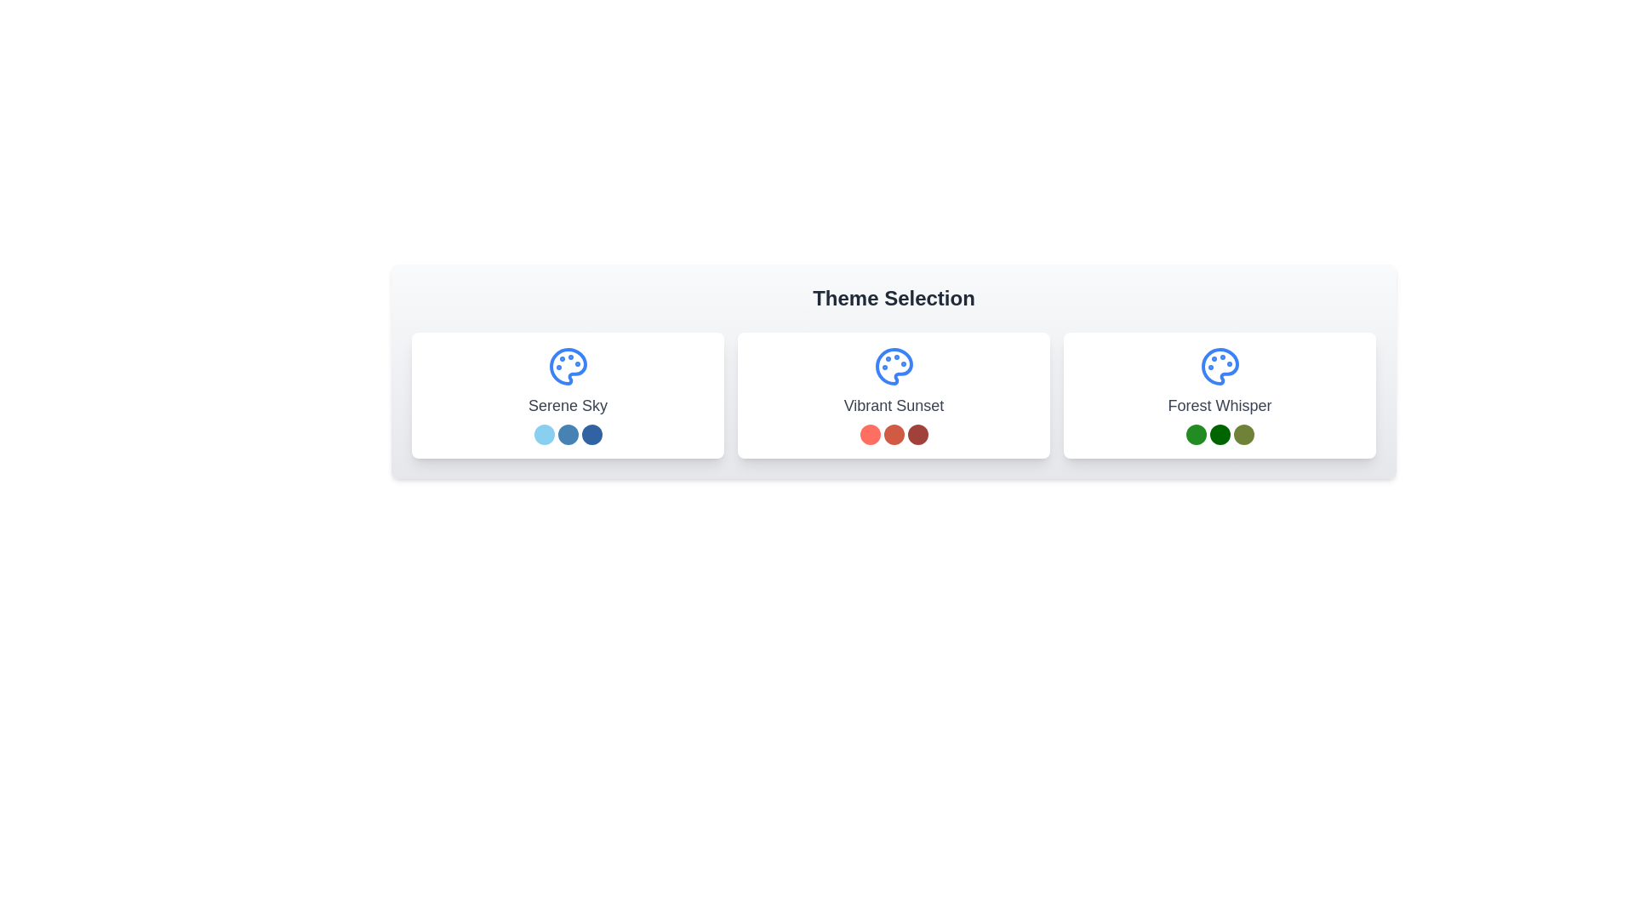  I want to click on the third circular icon representing the selection option for the 'Vibrant Sunset' theme, located at the bottom of the central card labeled 'Vibrant Sunset', so click(917, 433).